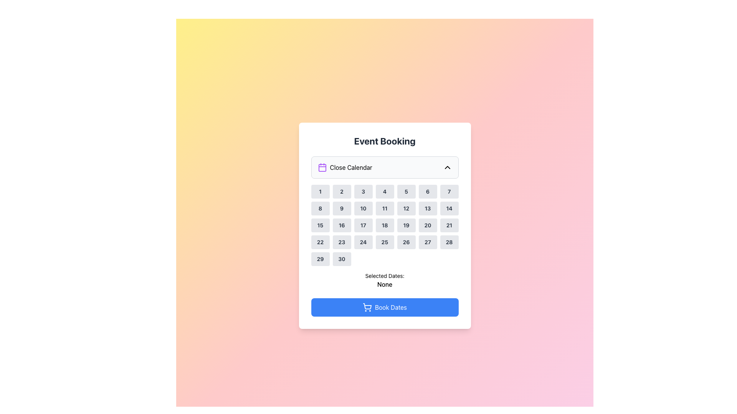 The height and width of the screenshot is (414, 737). What do you see at coordinates (363, 208) in the screenshot?
I see `the button representing the 10th day of the month in the Event Booking calendar grid` at bounding box center [363, 208].